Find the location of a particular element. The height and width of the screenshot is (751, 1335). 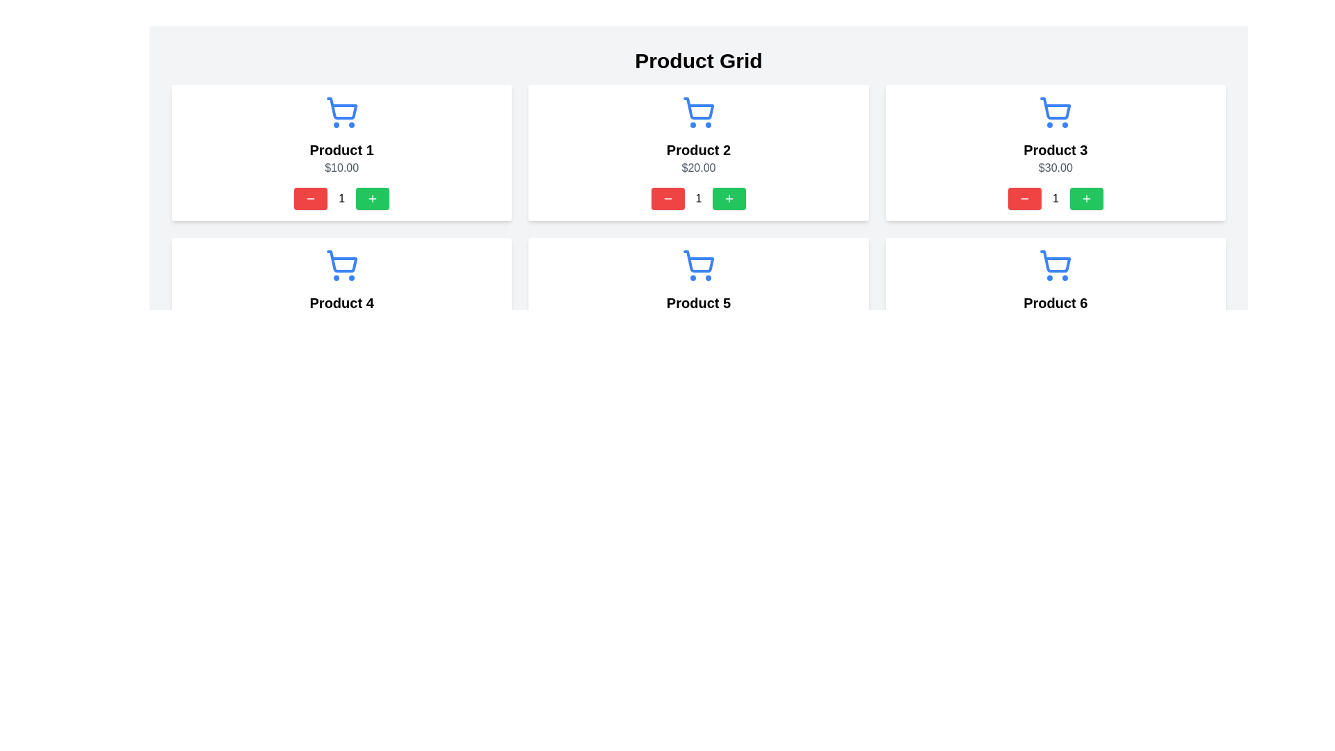

the product card displayed in the second row and third column of the grid layout, which showcases the product name, icon, and price is located at coordinates (1055, 305).